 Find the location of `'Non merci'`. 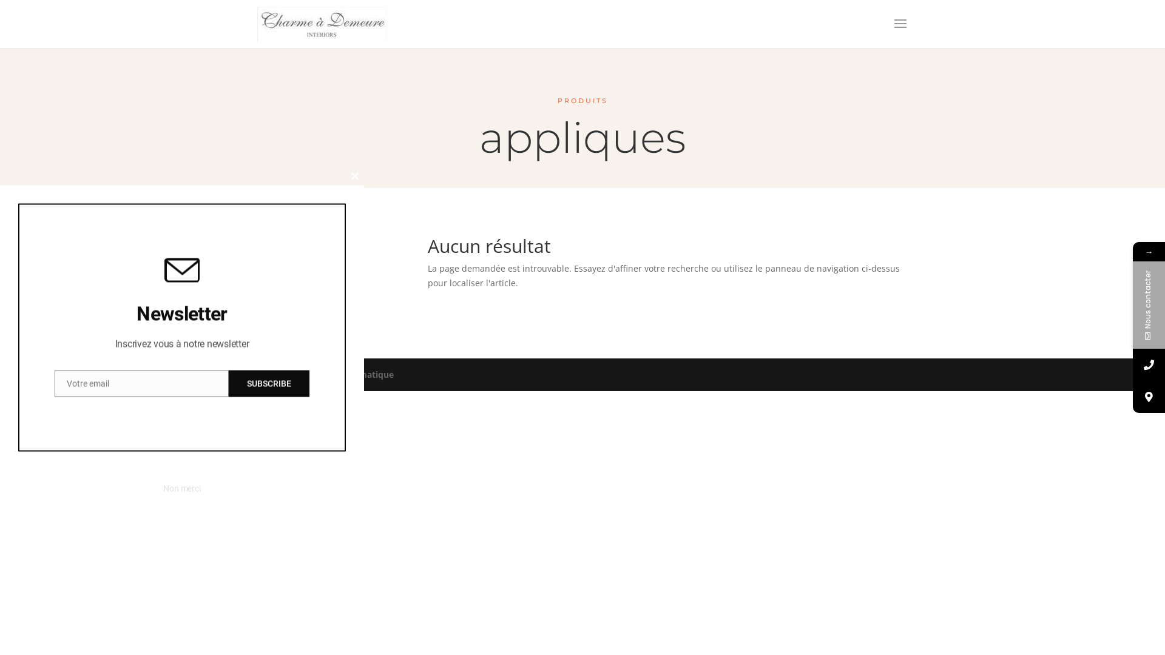

'Non merci' is located at coordinates (162, 488).